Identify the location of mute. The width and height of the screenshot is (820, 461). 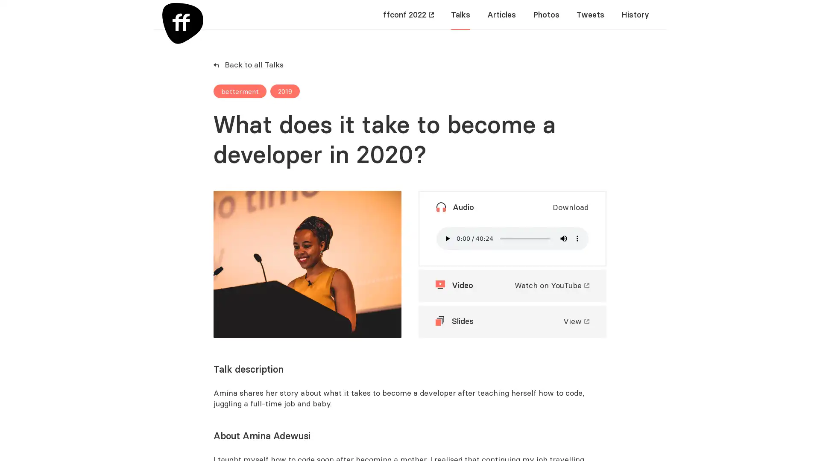
(564, 239).